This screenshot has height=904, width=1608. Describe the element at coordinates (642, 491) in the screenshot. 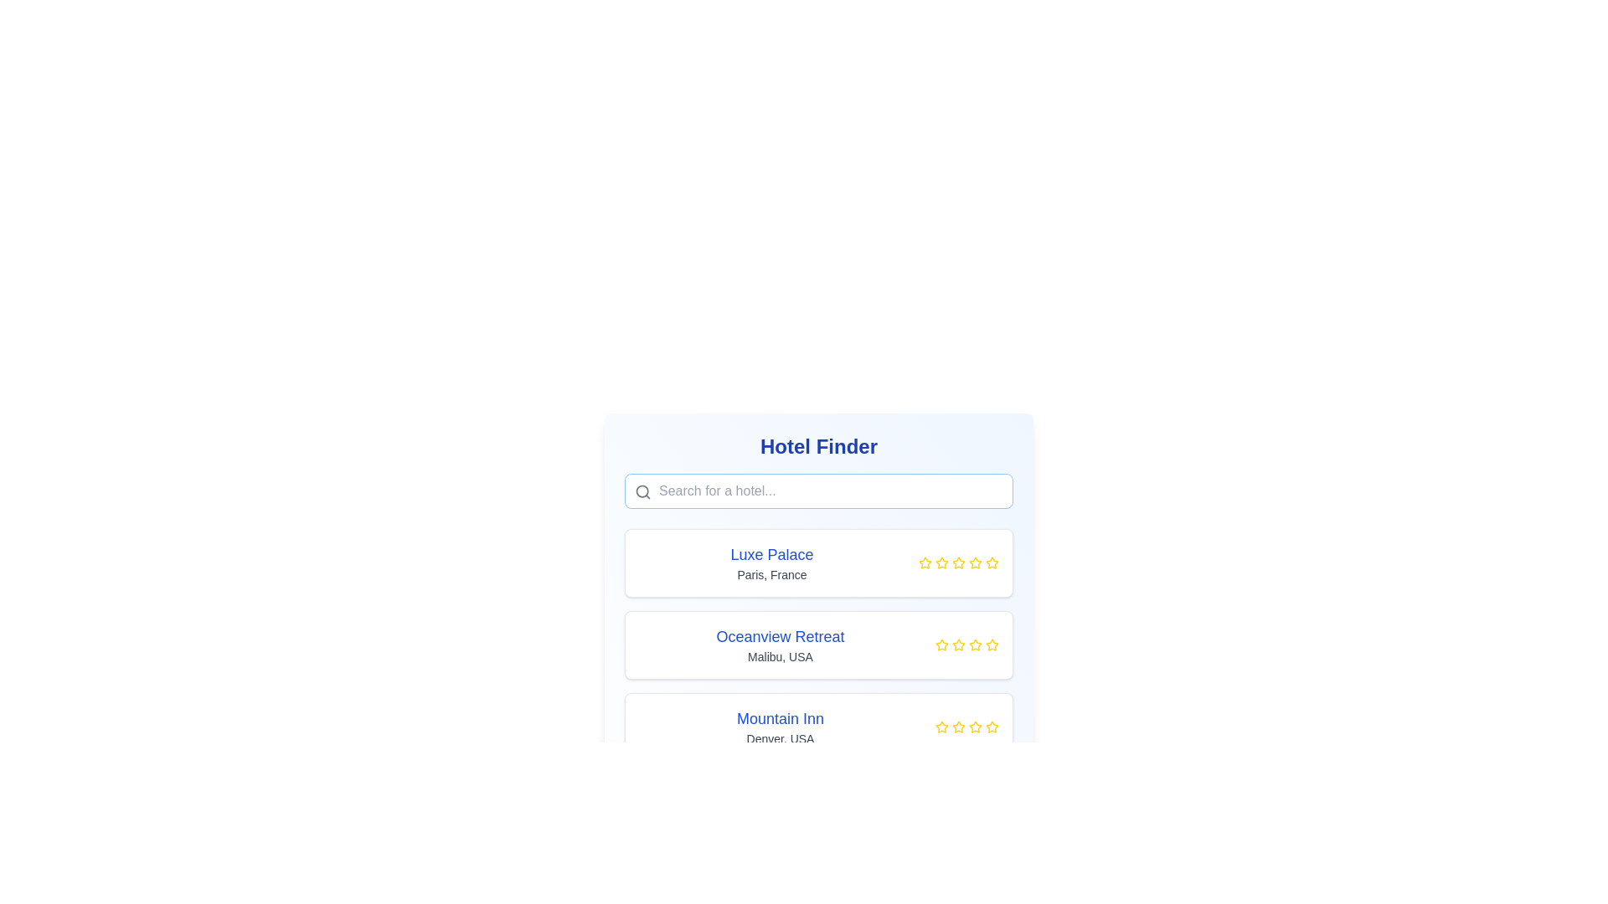

I see `the search icon, which is a gray outlined magnifying glass located on the left side of the search bar` at that location.